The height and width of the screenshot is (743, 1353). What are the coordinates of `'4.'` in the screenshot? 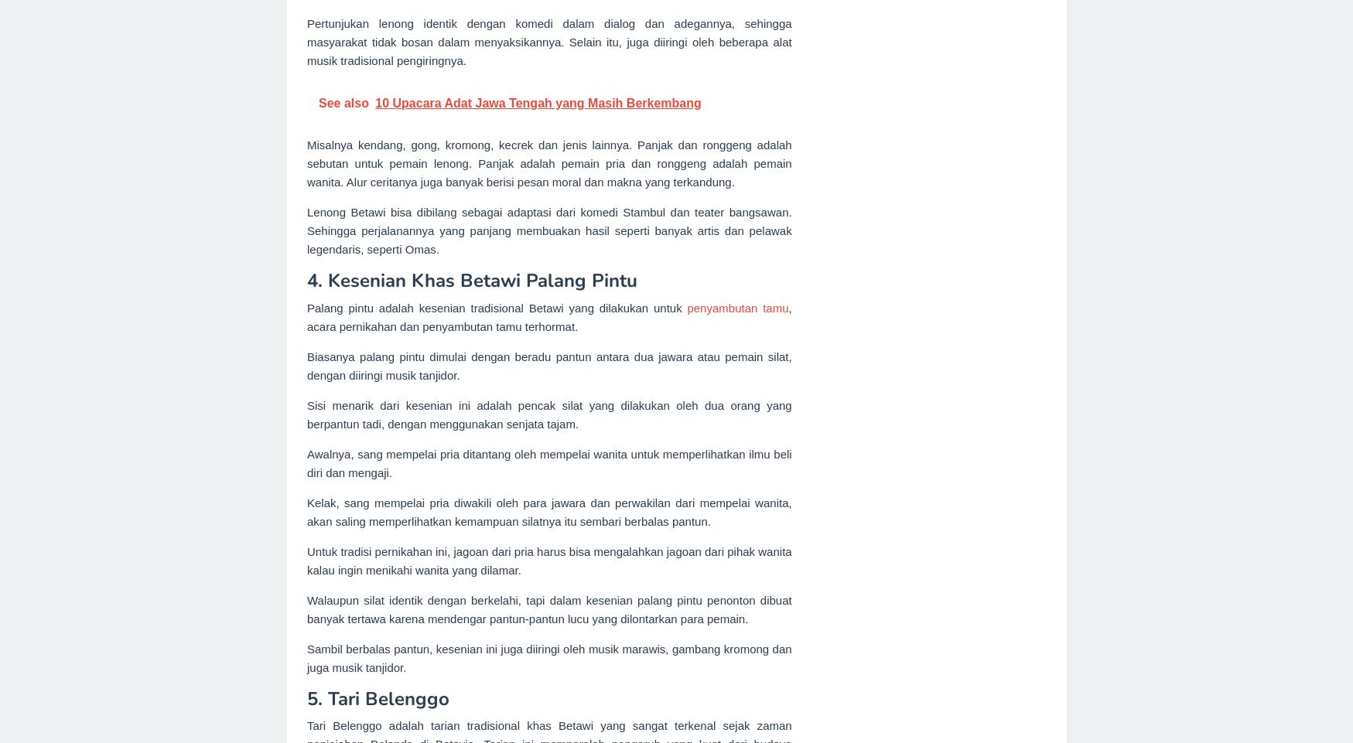 It's located at (316, 279).